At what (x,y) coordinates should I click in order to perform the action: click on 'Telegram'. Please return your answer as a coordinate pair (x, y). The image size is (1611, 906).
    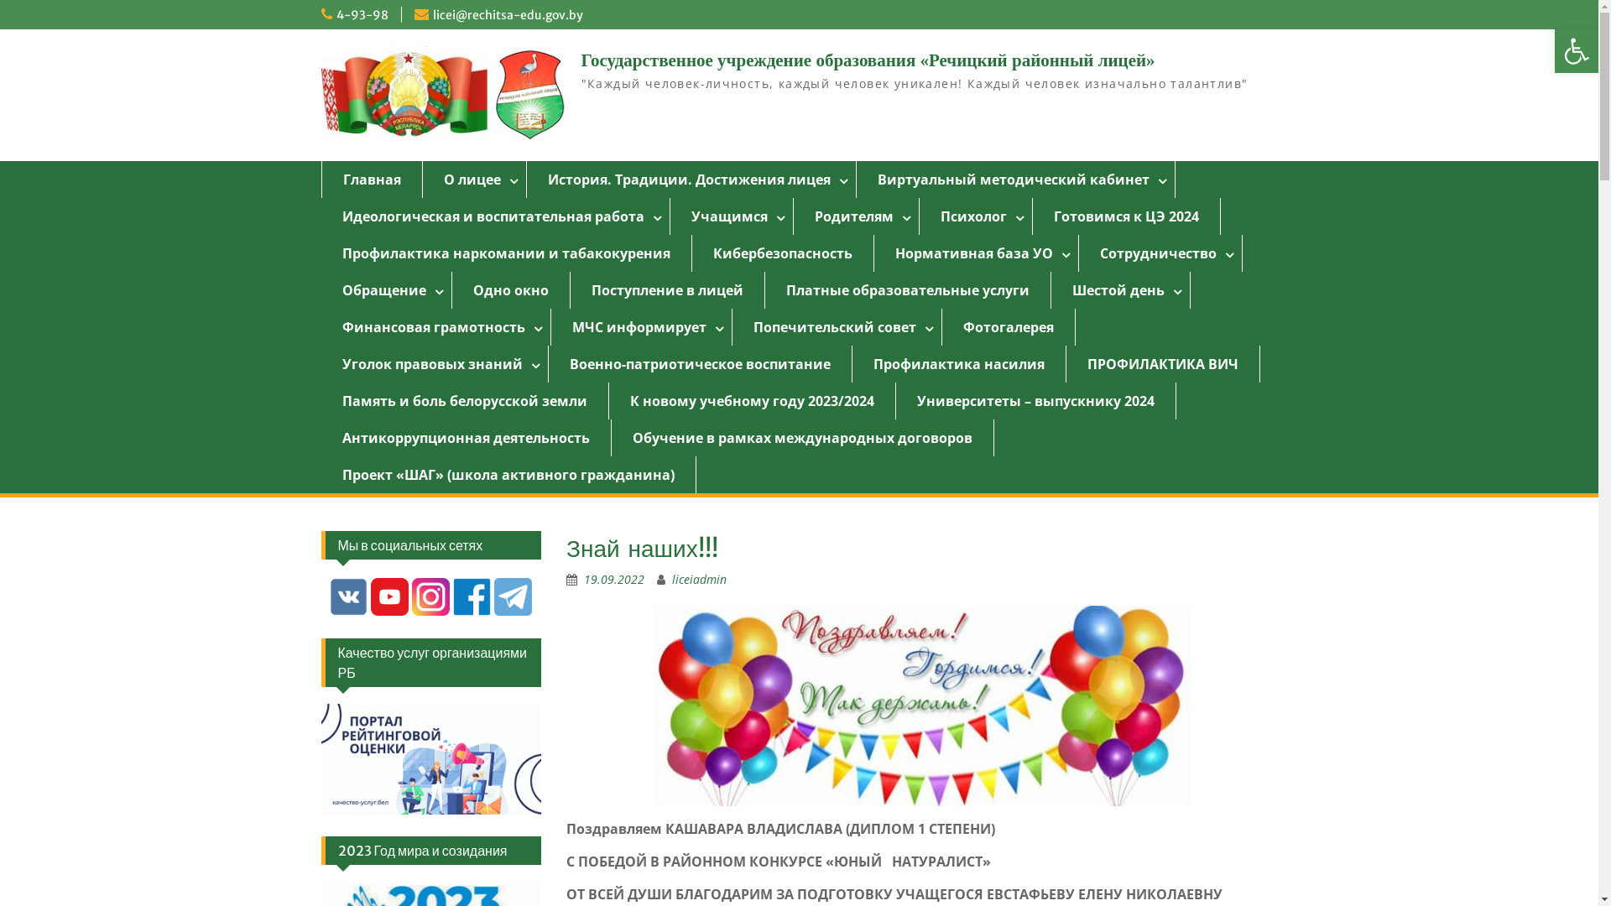
    Looking at the image, I should click on (512, 612).